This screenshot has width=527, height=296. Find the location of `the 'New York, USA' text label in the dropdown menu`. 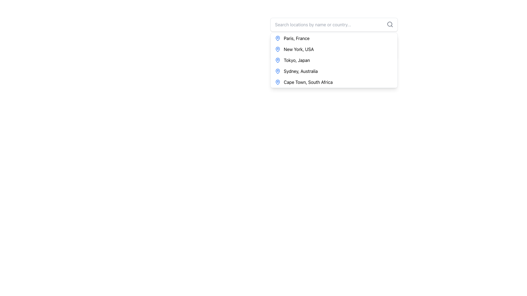

the 'New York, USA' text label in the dropdown menu is located at coordinates (298, 49).